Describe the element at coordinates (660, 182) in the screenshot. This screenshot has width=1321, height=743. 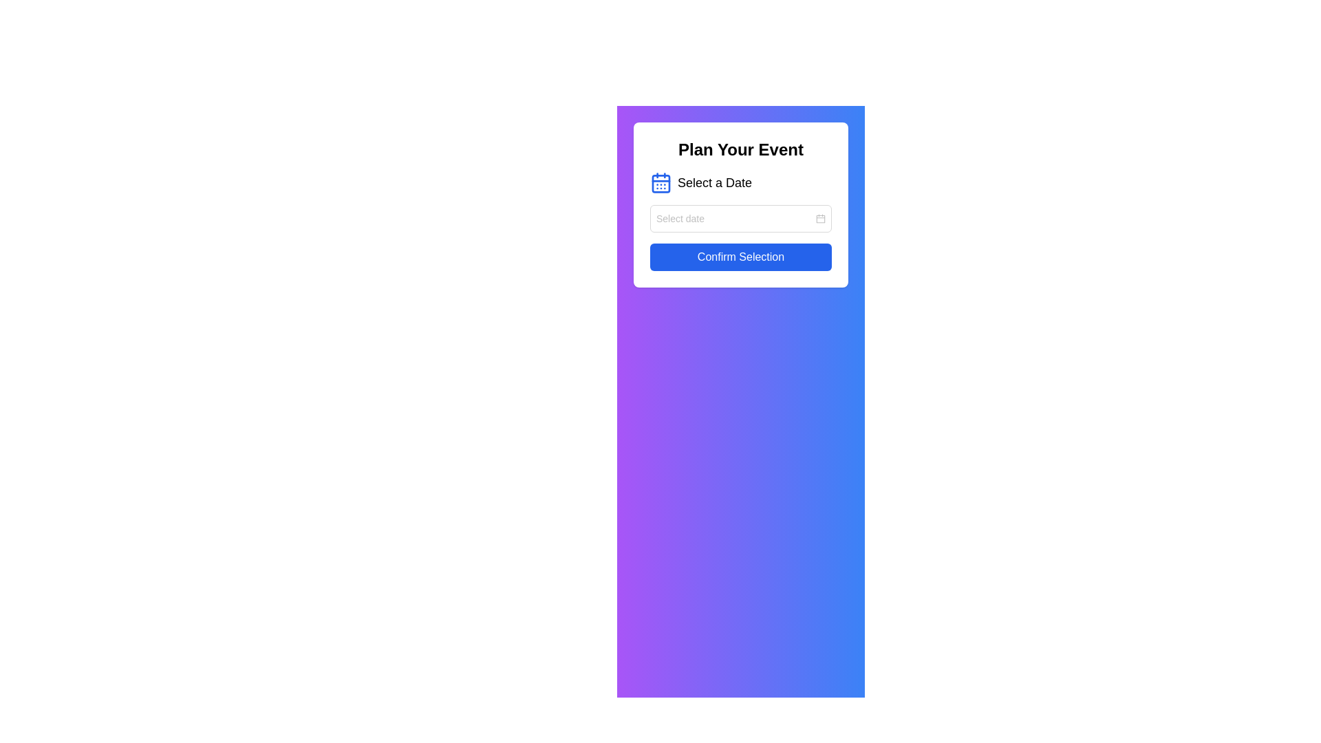
I see `the blue calendar icon located at the top left of the white card, which is positioned to the left of the 'Select a Date' text` at that location.